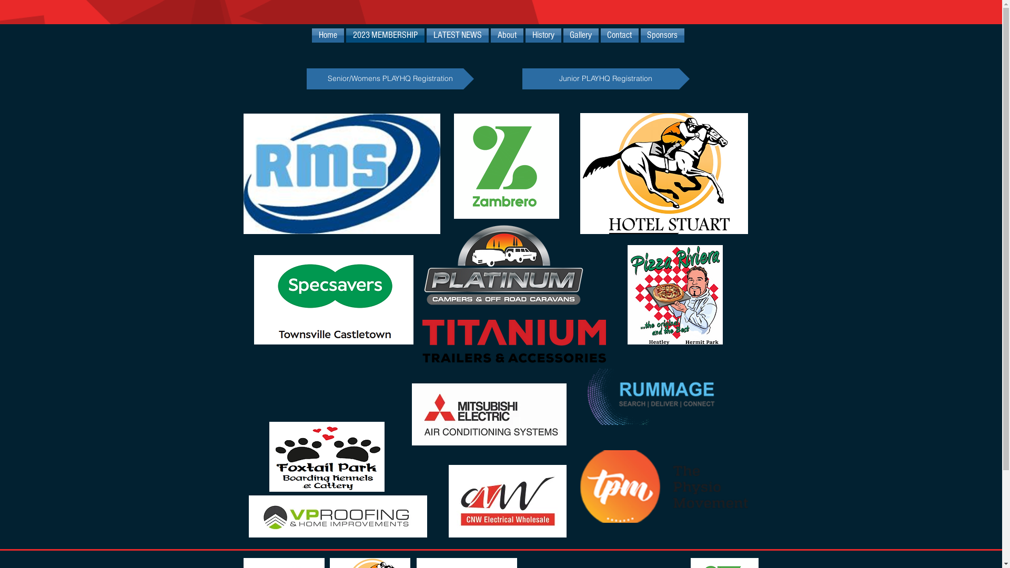 The height and width of the screenshot is (568, 1010). What do you see at coordinates (605, 78) in the screenshot?
I see `'Junior PLAYHQ Registration'` at bounding box center [605, 78].